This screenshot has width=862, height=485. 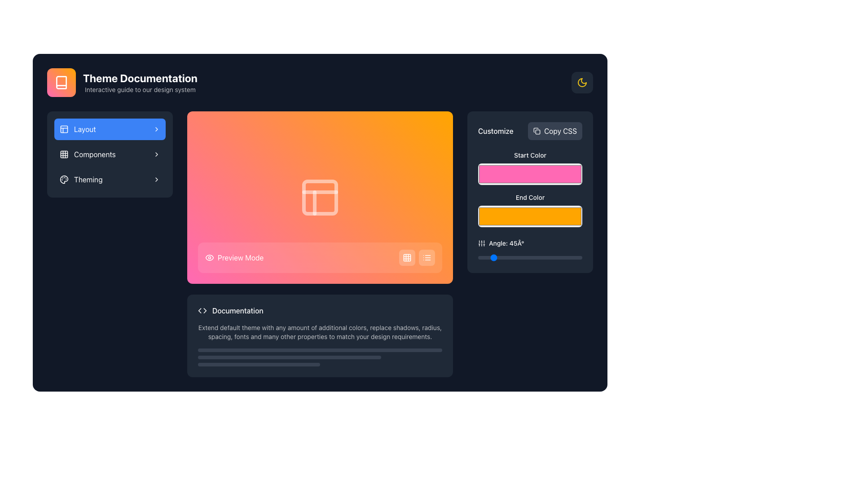 I want to click on the color picker interface block located in the right panel under the 'Copy CSS' button and above the 'Angle: 45°' slider, so click(x=530, y=189).